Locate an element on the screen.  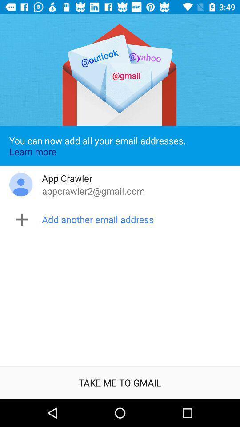
take me to app is located at coordinates (120, 382).